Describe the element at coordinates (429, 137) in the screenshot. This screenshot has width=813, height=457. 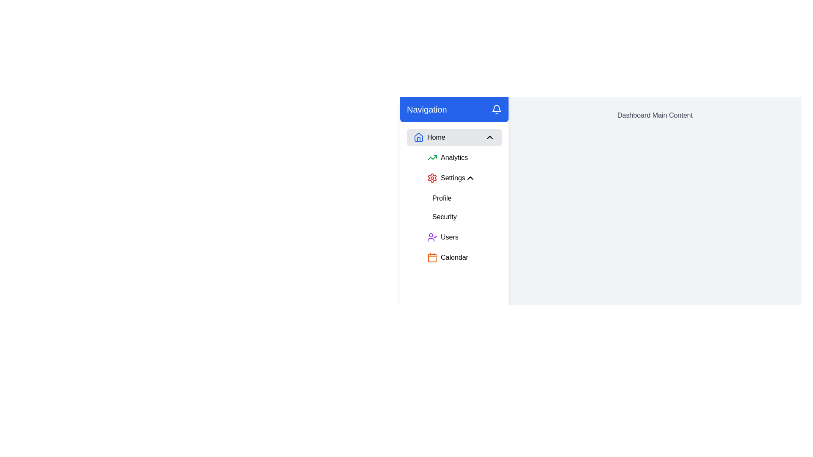
I see `the 'Home' navigation menu item, which features a blue house-shaped icon and the text 'Home', to trigger a tooltip or highlight effect` at that location.